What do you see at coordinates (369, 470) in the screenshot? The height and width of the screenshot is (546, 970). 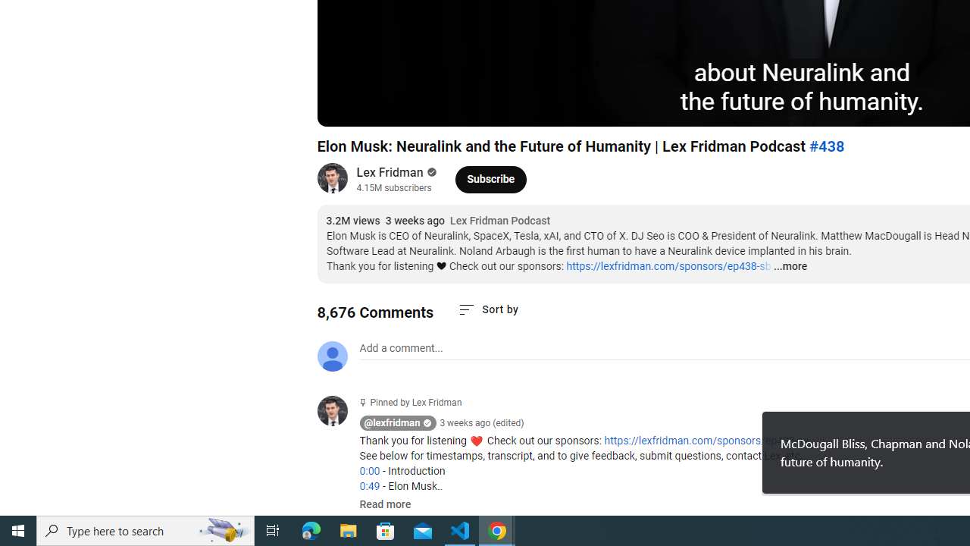 I see `'0:00'` at bounding box center [369, 470].